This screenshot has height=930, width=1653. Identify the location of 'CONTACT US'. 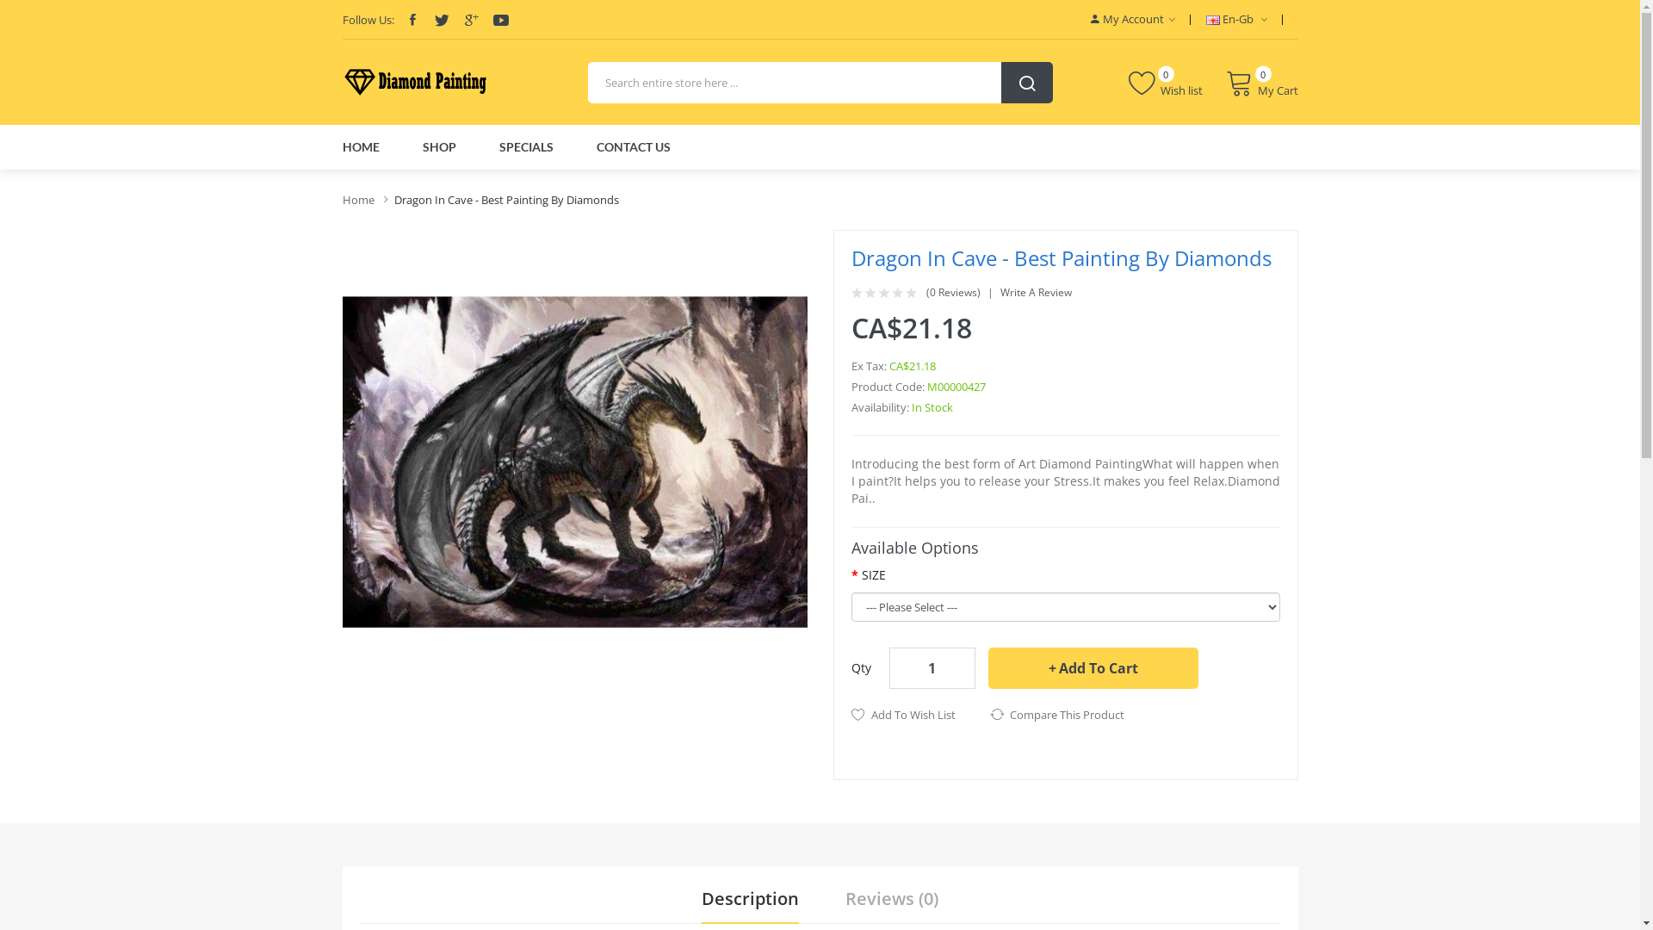
(631, 146).